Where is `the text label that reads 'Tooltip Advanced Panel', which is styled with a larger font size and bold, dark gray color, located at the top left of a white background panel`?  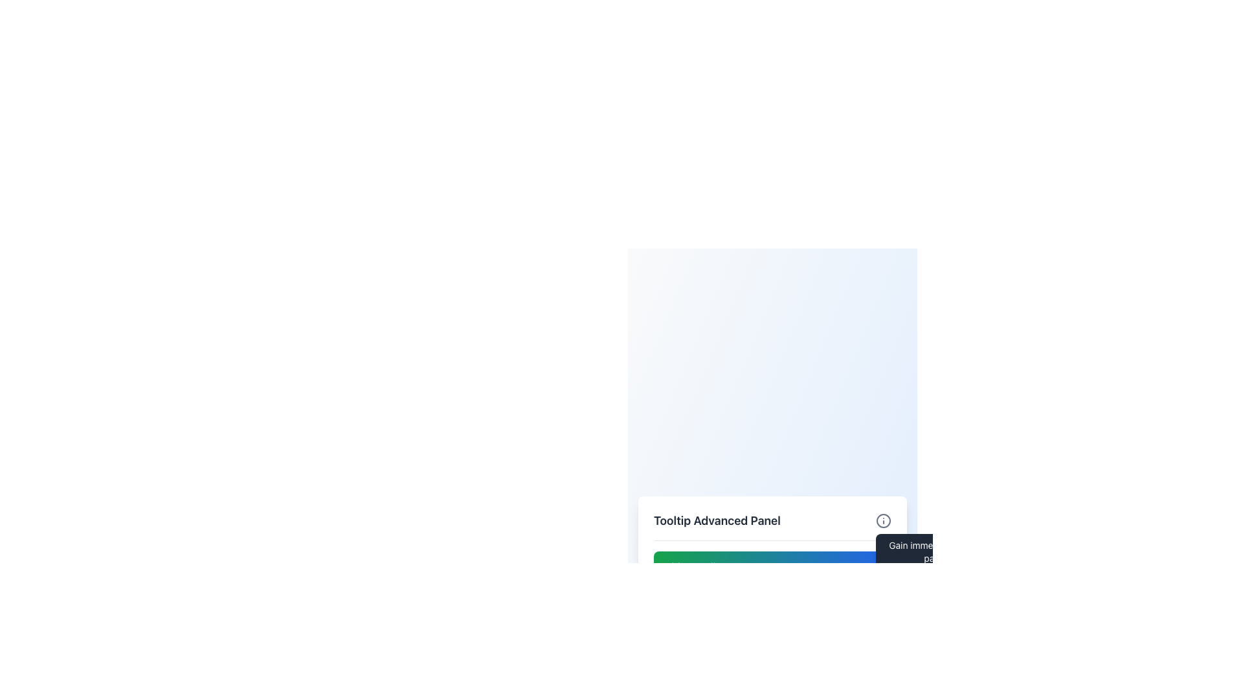
the text label that reads 'Tooltip Advanced Panel', which is styled with a larger font size and bold, dark gray color, located at the top left of a white background panel is located at coordinates (716, 520).